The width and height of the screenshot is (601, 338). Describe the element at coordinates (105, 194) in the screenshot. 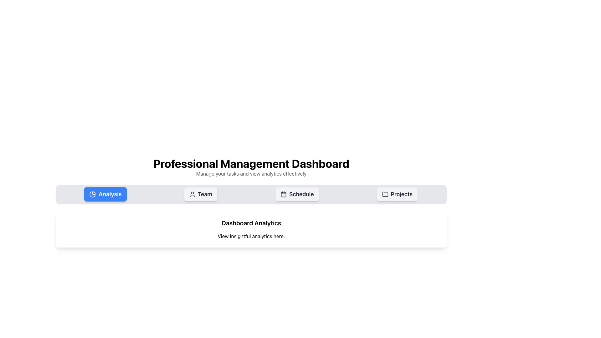

I see `the 'Analysis' button located in the top-left corner of the button group` at that location.